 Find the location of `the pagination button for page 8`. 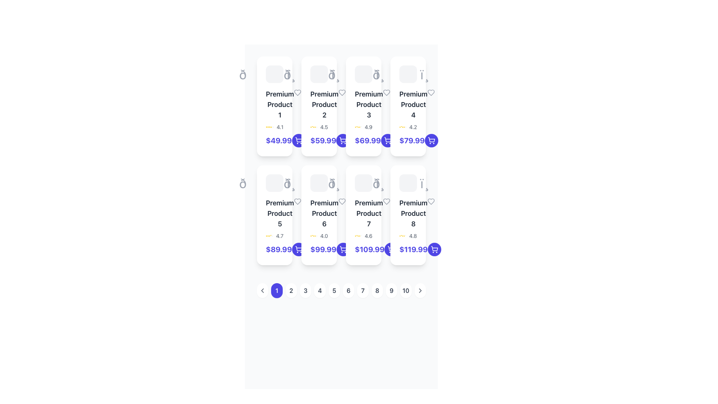

the pagination button for page 8 is located at coordinates (377, 290).